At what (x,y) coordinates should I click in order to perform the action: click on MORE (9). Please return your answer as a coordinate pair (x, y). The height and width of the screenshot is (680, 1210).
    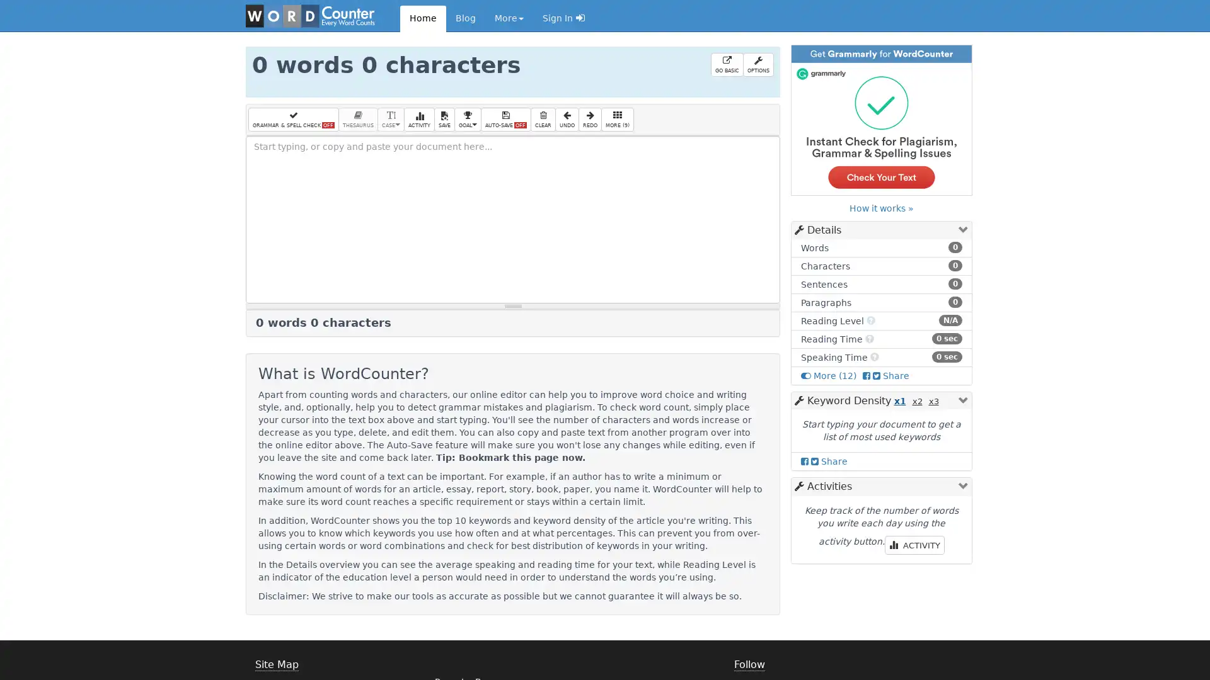
    Looking at the image, I should click on (617, 119).